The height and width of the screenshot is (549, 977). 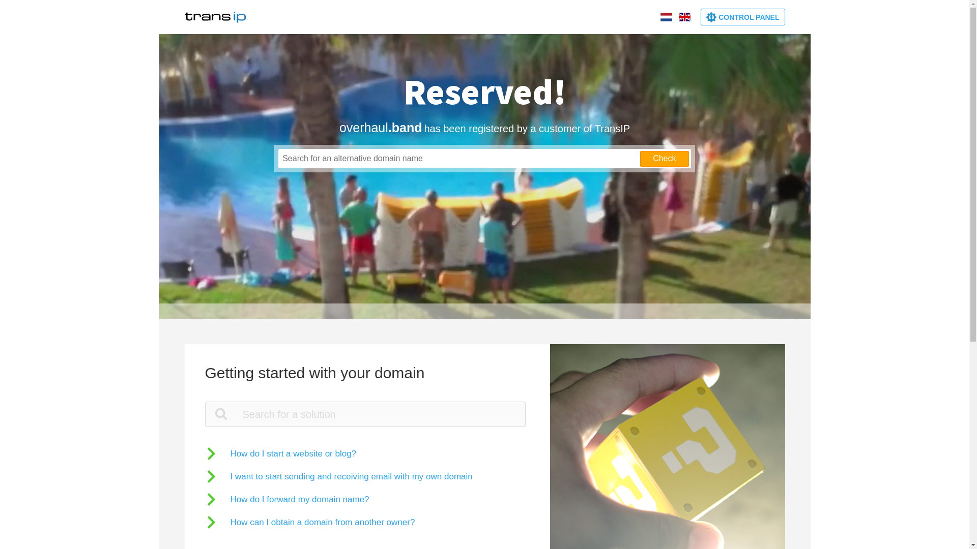 I want to click on 'How do I start a website or blog?', so click(x=280, y=453).